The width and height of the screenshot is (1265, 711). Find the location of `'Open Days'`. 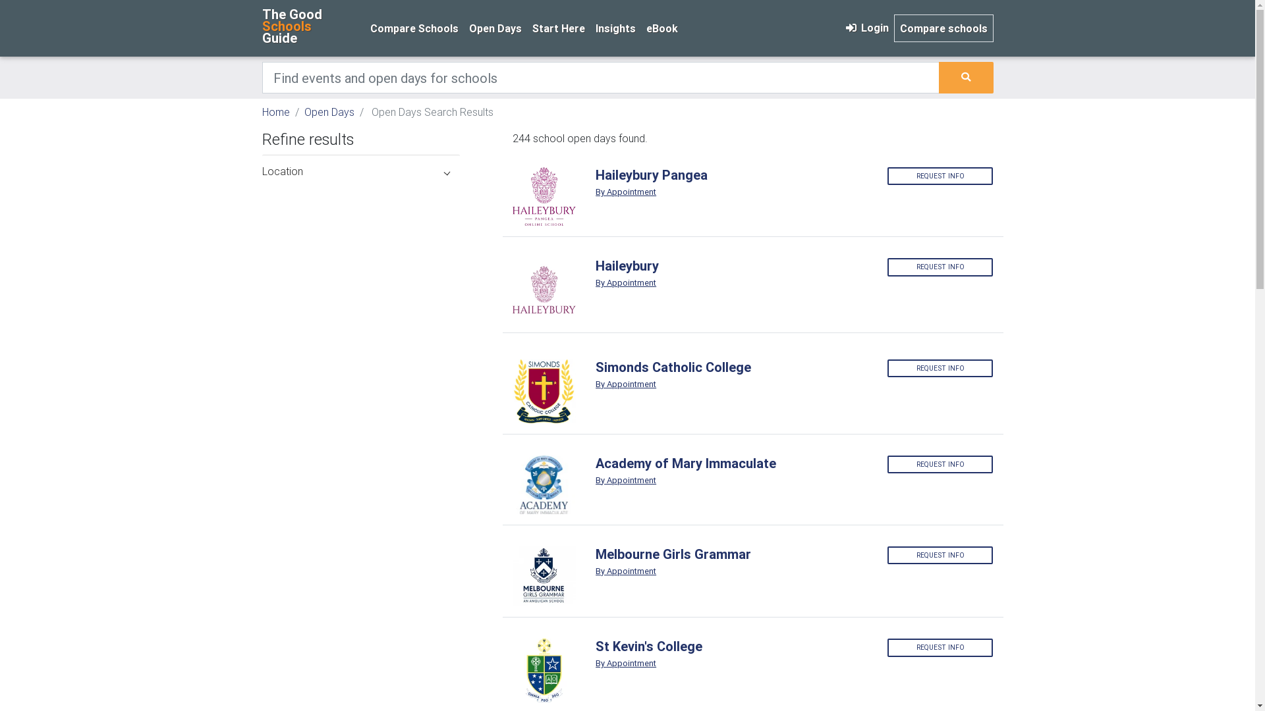

'Open Days' is located at coordinates (303, 111).